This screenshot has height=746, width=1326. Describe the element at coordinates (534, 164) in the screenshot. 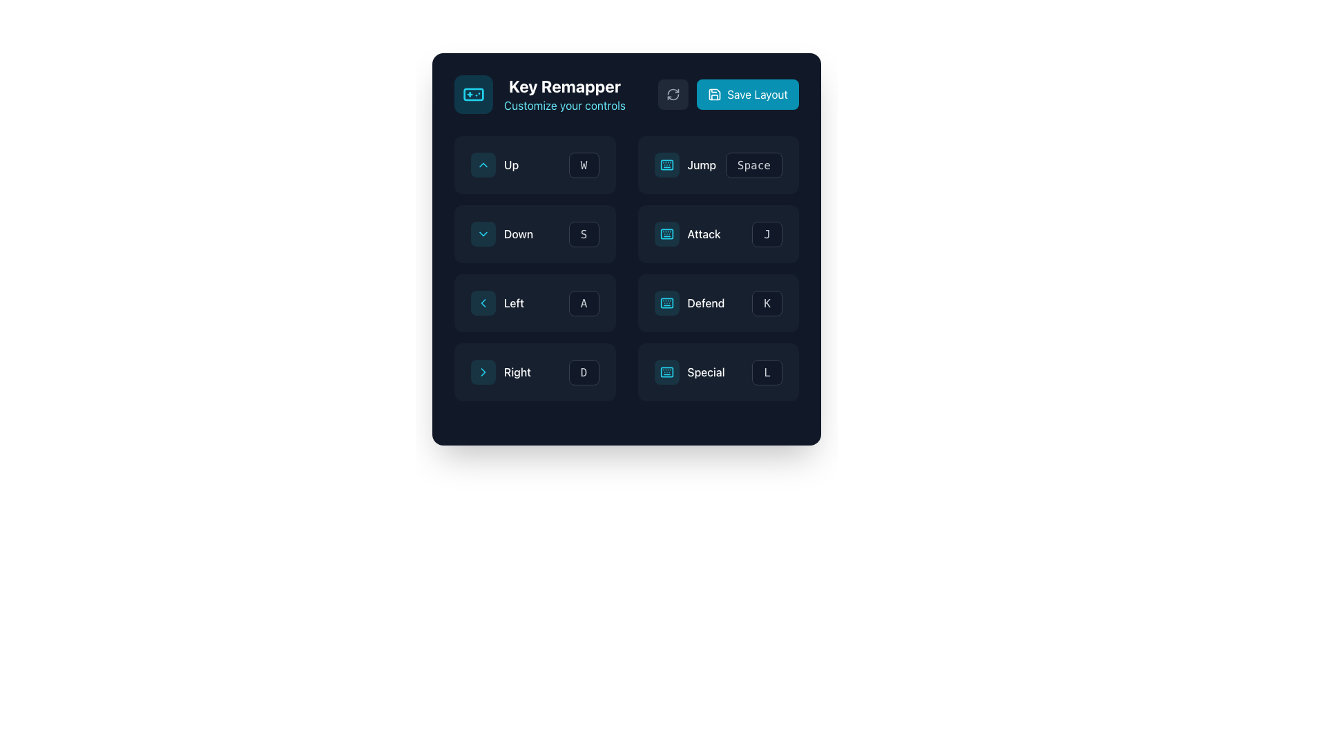

I see `the rectangular button labeled 'W' with a bold, monospaced font, located on the far right beside the 'Up' button` at that location.